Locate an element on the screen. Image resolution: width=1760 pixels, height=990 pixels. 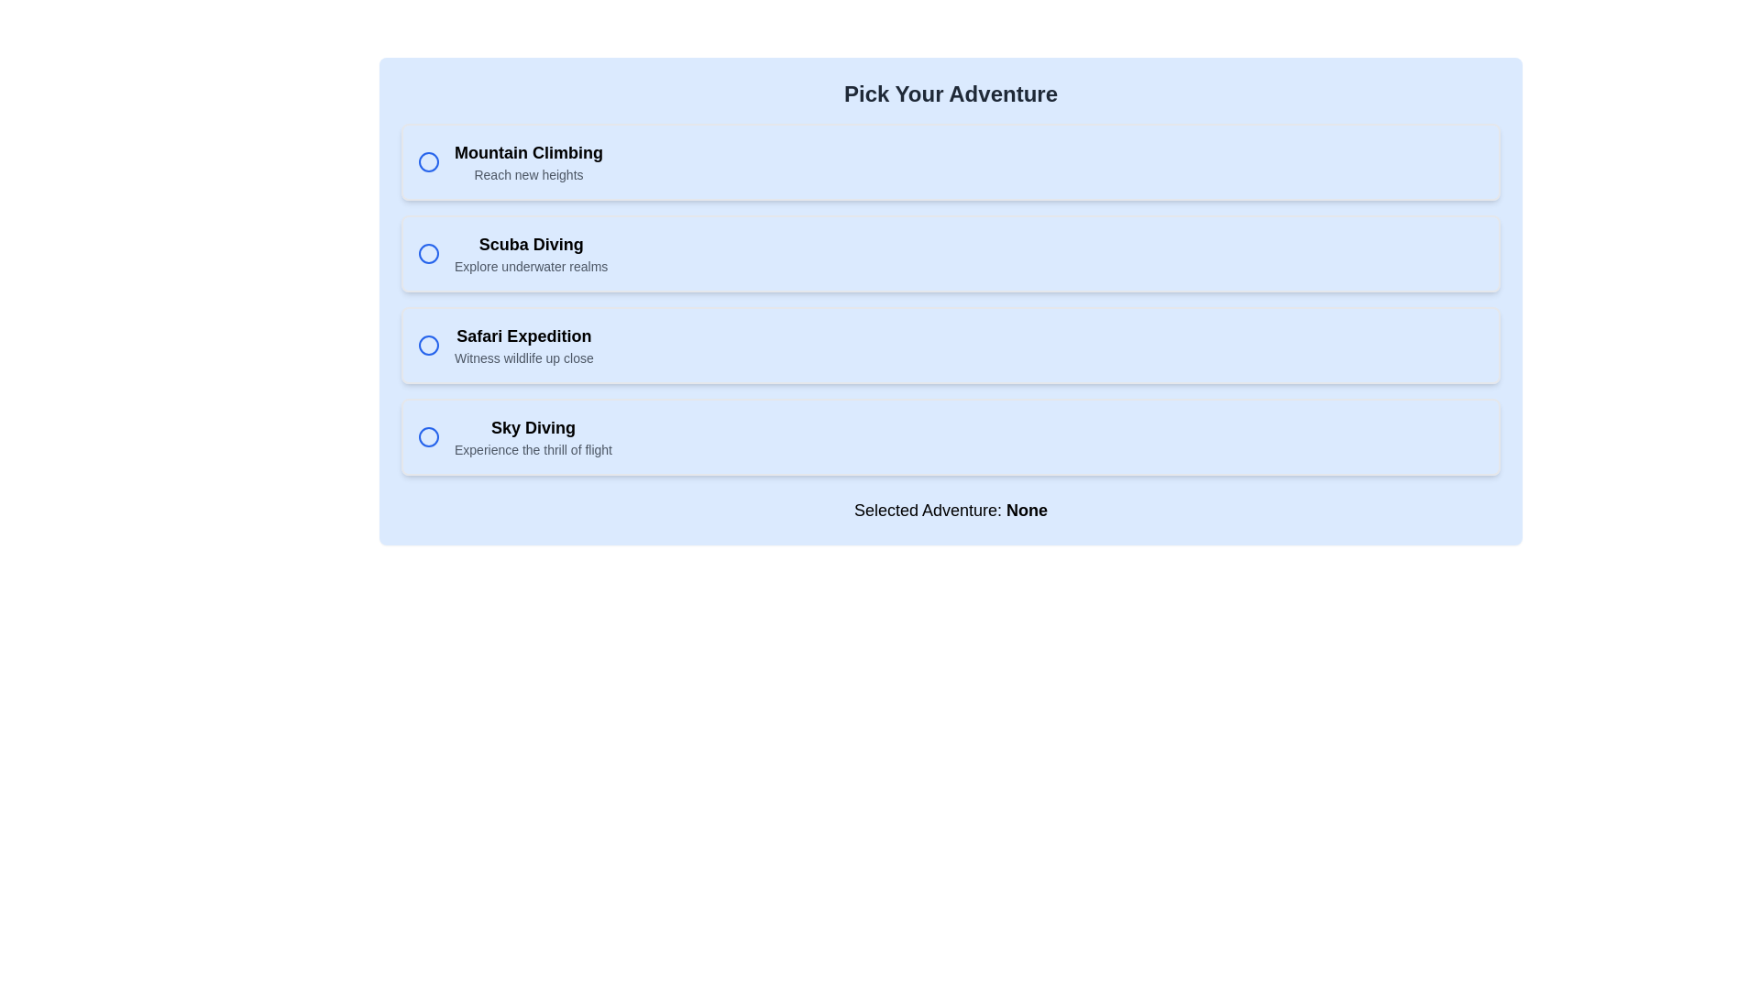
the 'Safari Expedition' text label, which serves as a title for the adventure choice, located in the third selectable option block above the descriptive text 'Witness wildlife up close' is located at coordinates (522, 335).